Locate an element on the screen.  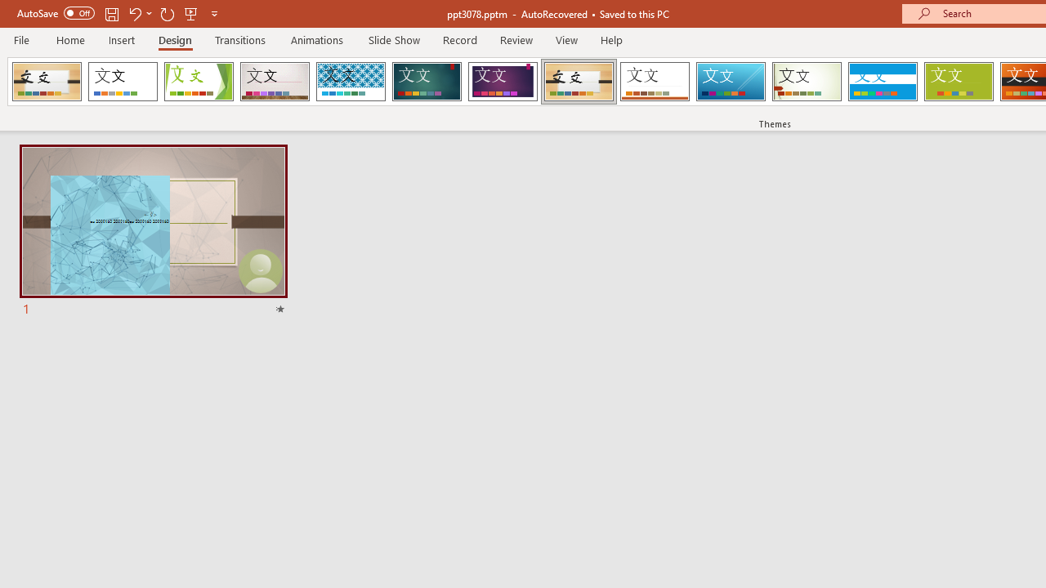
'Wisp' is located at coordinates (807, 82).